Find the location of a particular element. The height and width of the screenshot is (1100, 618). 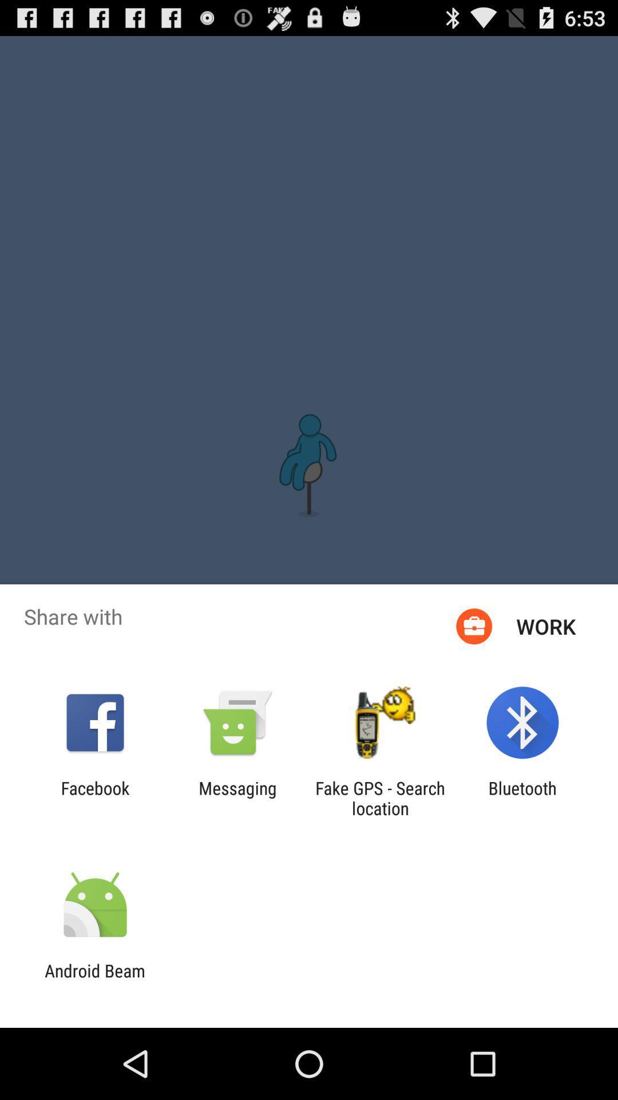

app to the right of facebook app is located at coordinates (237, 797).